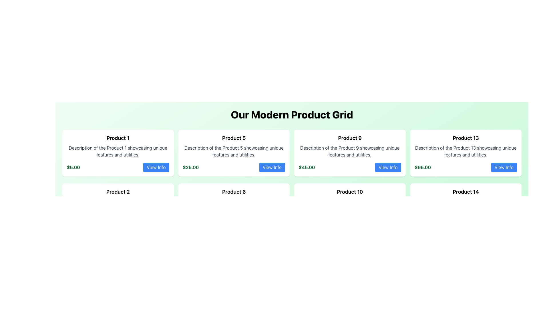  Describe the element at coordinates (234, 138) in the screenshot. I see `the text label displaying 'Product 5' for accessibility purposes, located in the second column of the top row of the grid layout within a card-like structure` at that location.